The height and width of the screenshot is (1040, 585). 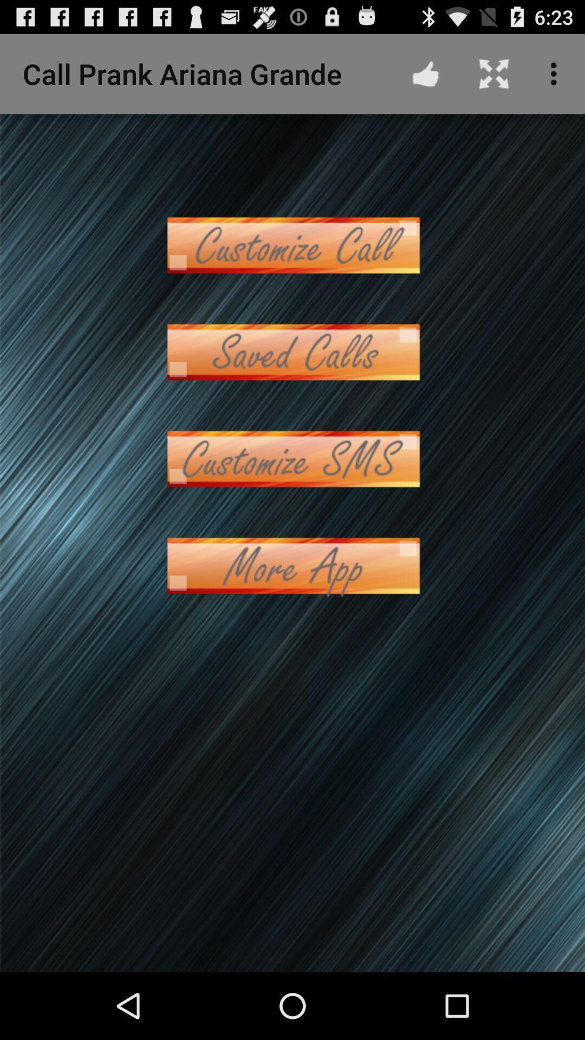 I want to click on the app to the right of the call prank ariana, so click(x=425, y=73).